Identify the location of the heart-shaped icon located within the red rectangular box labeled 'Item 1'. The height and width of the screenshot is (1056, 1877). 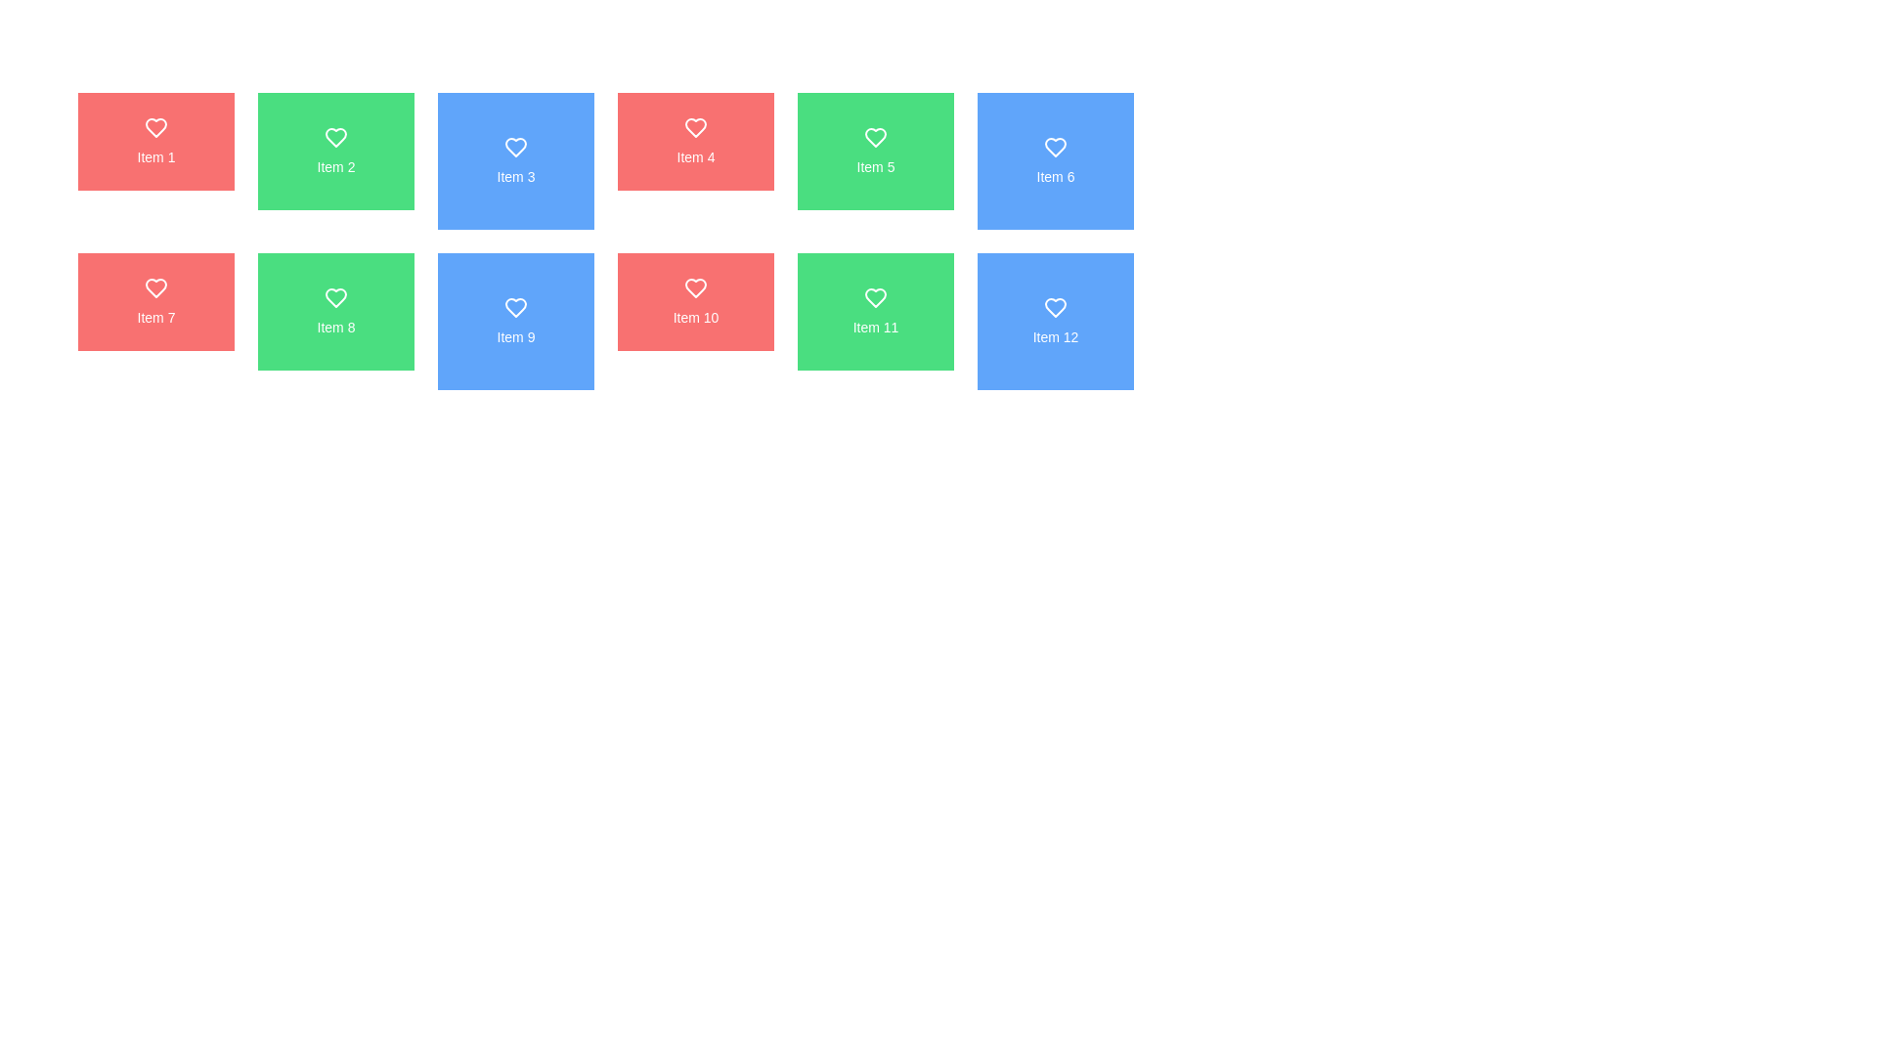
(154, 128).